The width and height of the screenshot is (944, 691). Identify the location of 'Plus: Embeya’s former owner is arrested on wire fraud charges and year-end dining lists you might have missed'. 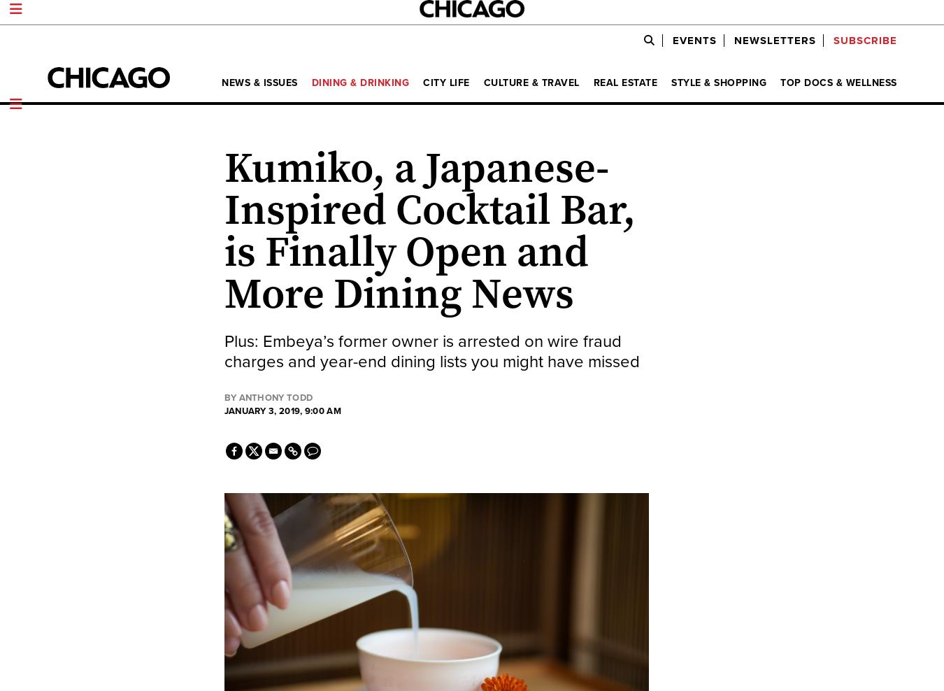
(431, 350).